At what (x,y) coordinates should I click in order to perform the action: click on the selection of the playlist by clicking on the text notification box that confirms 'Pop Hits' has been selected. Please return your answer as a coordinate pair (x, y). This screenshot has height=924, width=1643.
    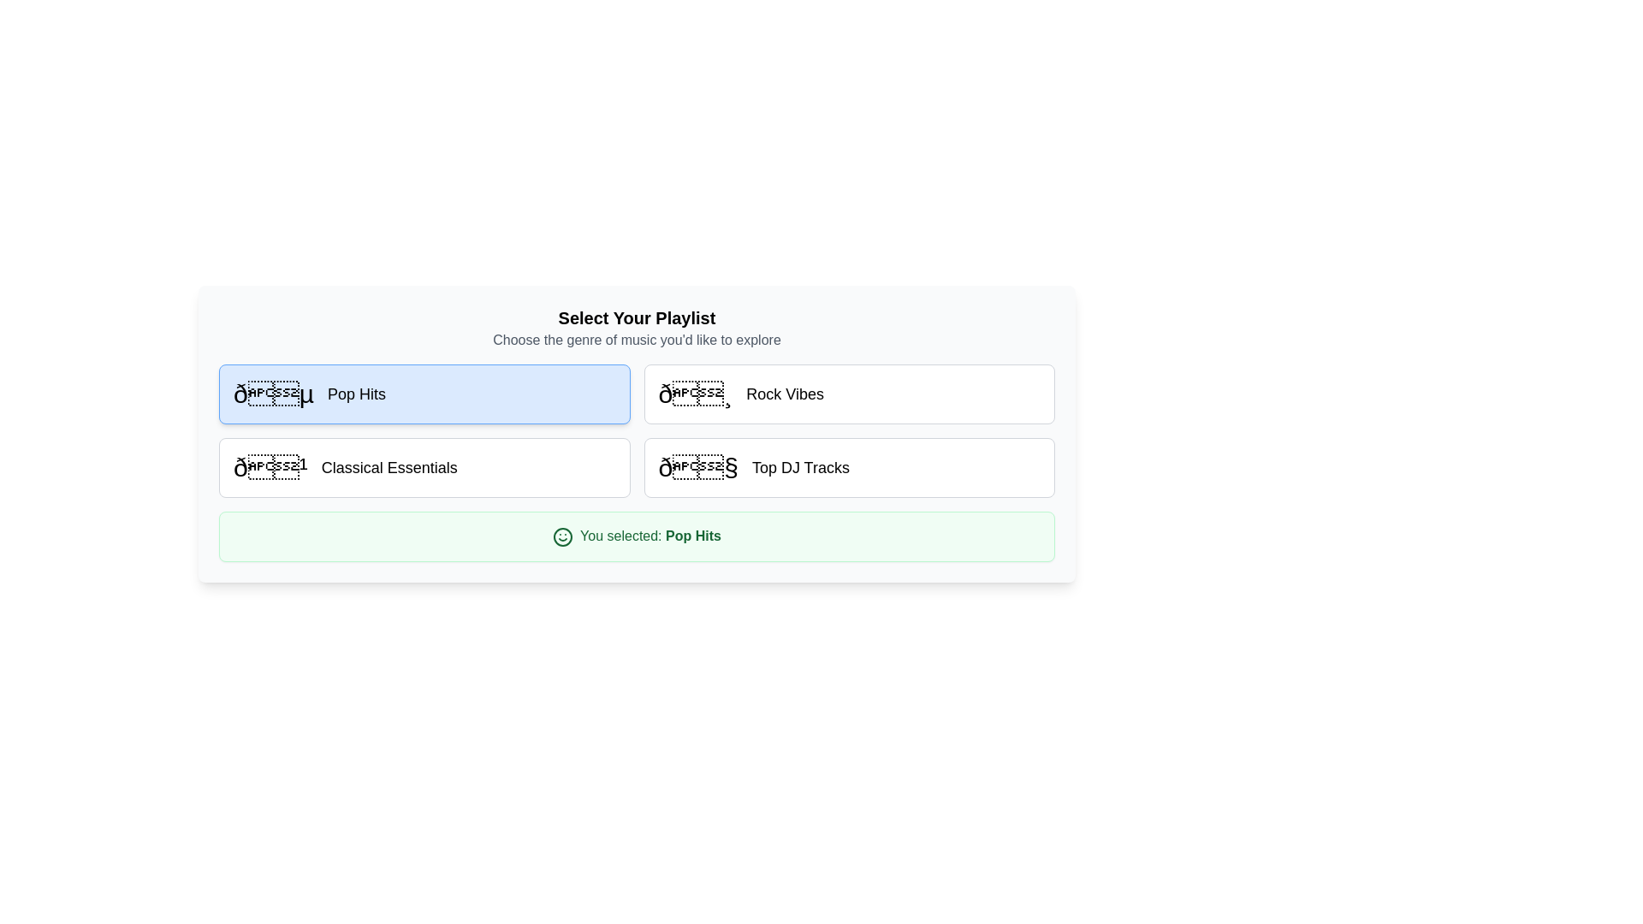
    Looking at the image, I should click on (636, 536).